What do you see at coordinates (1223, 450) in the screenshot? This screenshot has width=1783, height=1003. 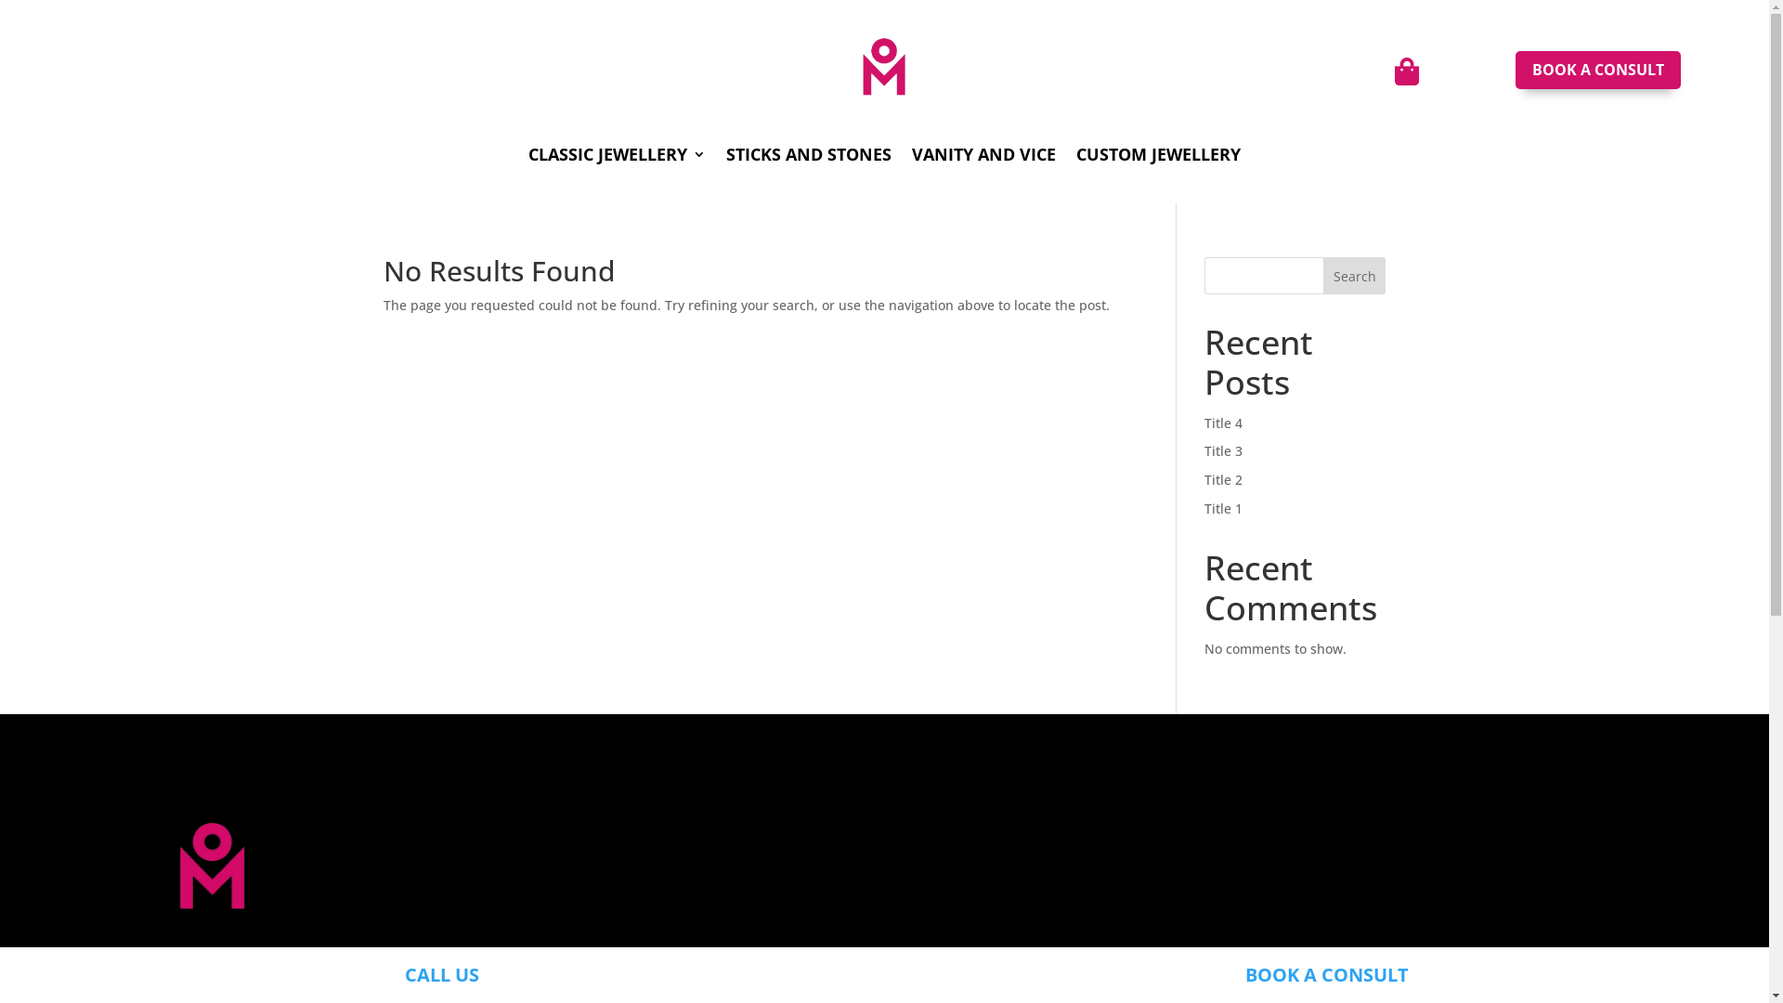 I see `'Title 3'` at bounding box center [1223, 450].